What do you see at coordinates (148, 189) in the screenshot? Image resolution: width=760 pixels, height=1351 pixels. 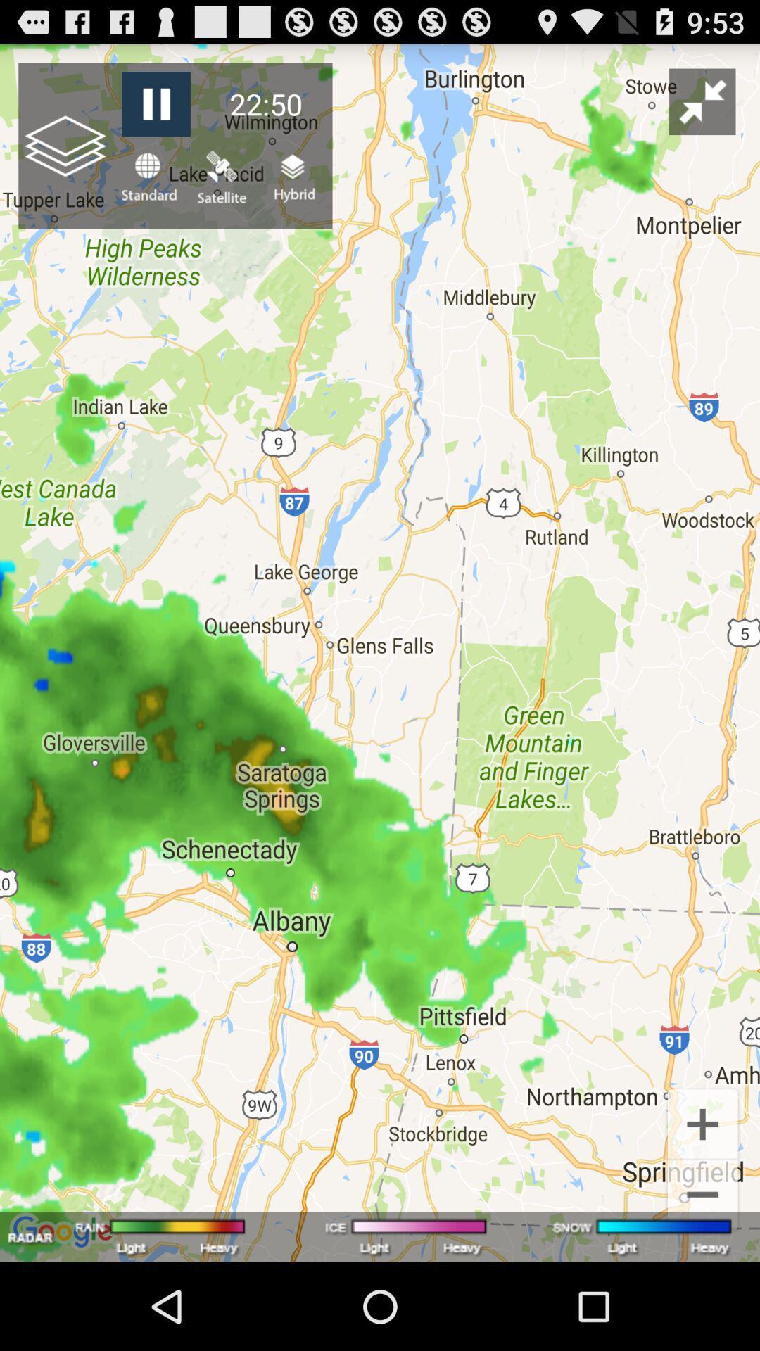 I see `the globe icon` at bounding box center [148, 189].